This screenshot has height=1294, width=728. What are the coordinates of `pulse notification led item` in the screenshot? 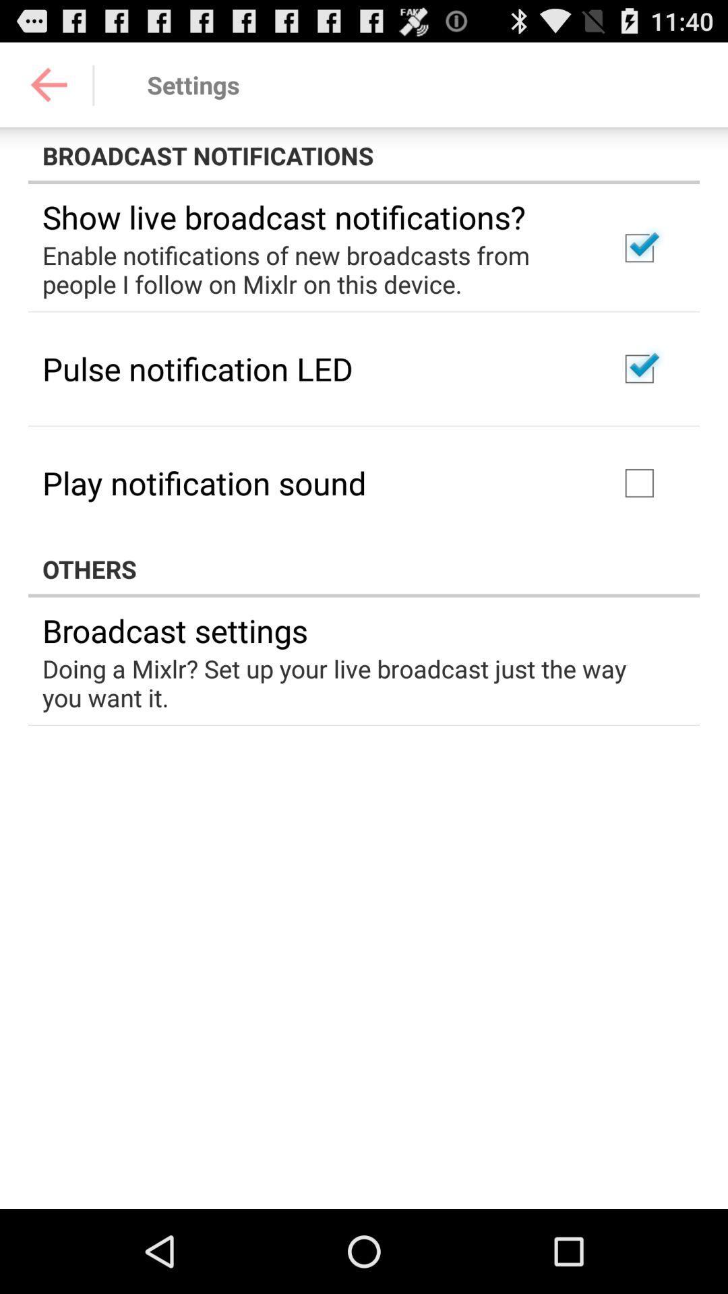 It's located at (198, 369).